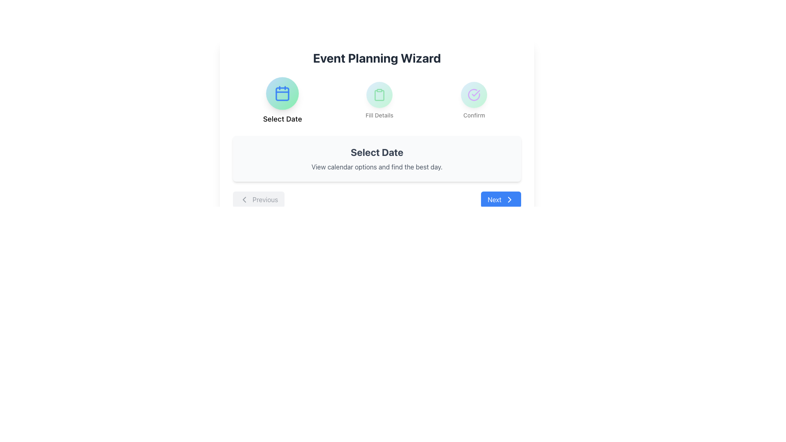 The width and height of the screenshot is (786, 442). What do you see at coordinates (509, 200) in the screenshot?
I see `the right-facing chevron arrow that is part of the navigation button labeled 'Next'` at bounding box center [509, 200].